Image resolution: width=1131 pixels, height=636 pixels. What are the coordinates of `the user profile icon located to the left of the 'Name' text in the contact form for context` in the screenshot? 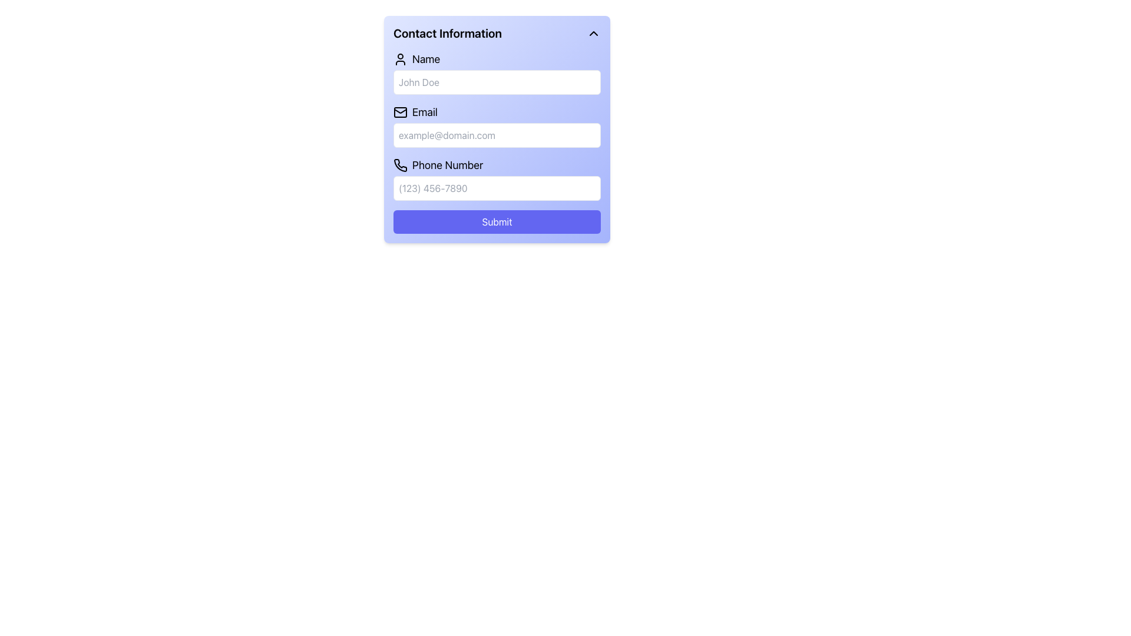 It's located at (401, 59).